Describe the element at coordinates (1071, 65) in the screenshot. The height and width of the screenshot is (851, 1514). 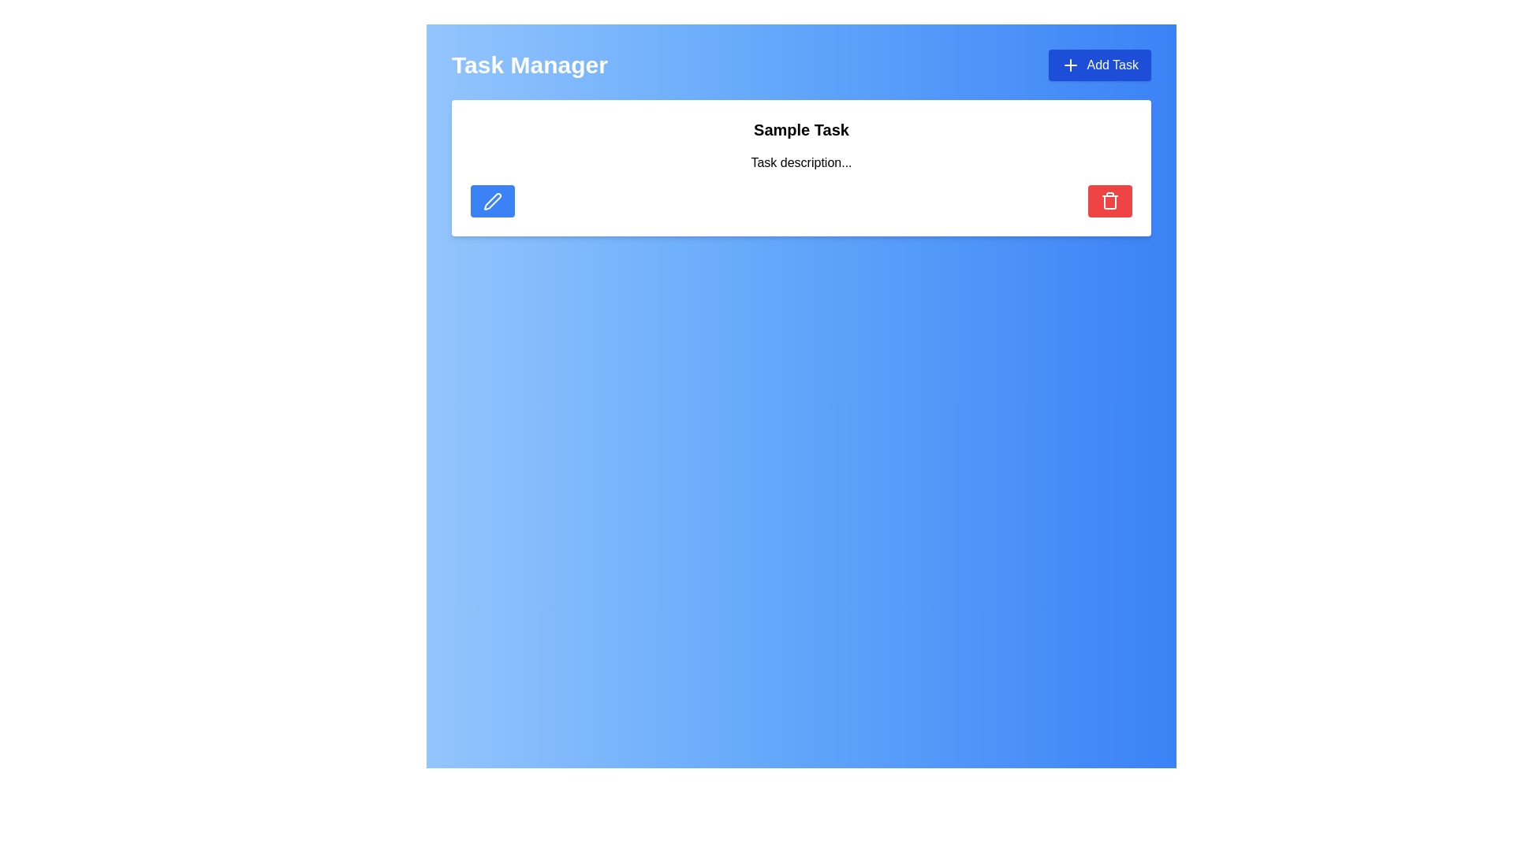
I see `the 'Add Task' button which contains the plus icon` at that location.